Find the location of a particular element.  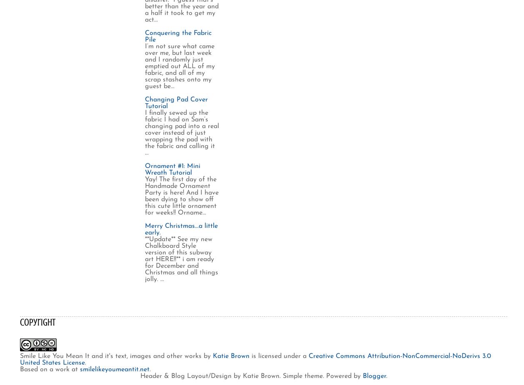

'Katie Brown' is located at coordinates (212, 355).